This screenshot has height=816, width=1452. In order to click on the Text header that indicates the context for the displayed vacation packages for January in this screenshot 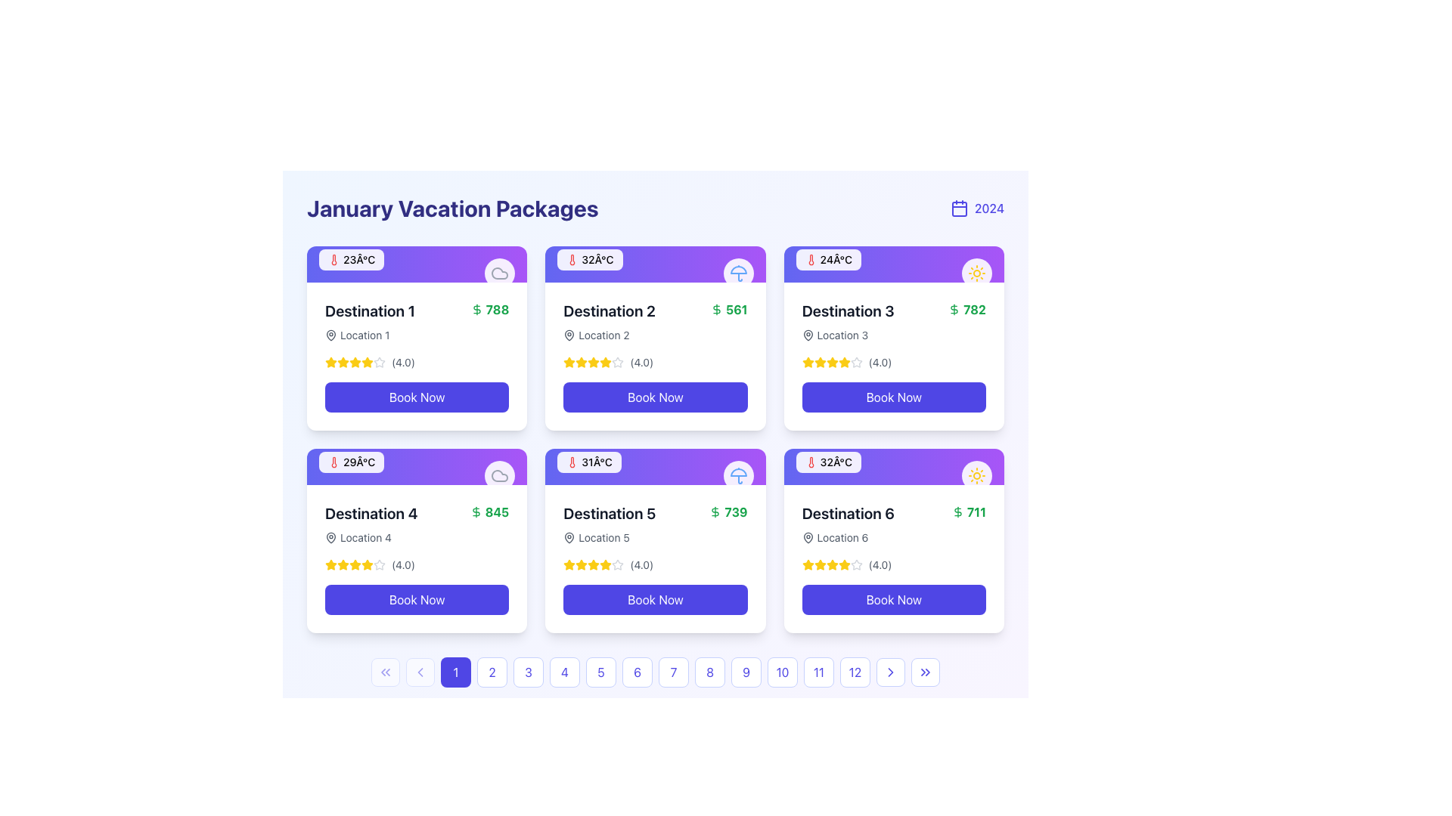, I will do `click(451, 209)`.